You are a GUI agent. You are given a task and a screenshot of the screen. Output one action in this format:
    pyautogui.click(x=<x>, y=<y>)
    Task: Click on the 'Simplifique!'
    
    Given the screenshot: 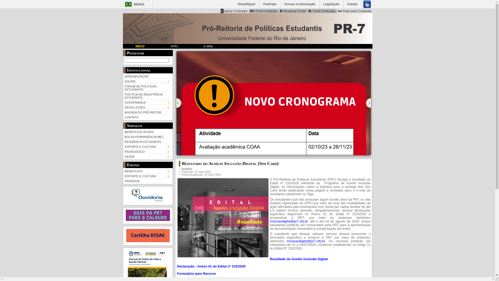 What is the action you would take?
    pyautogui.click(x=246, y=4)
    